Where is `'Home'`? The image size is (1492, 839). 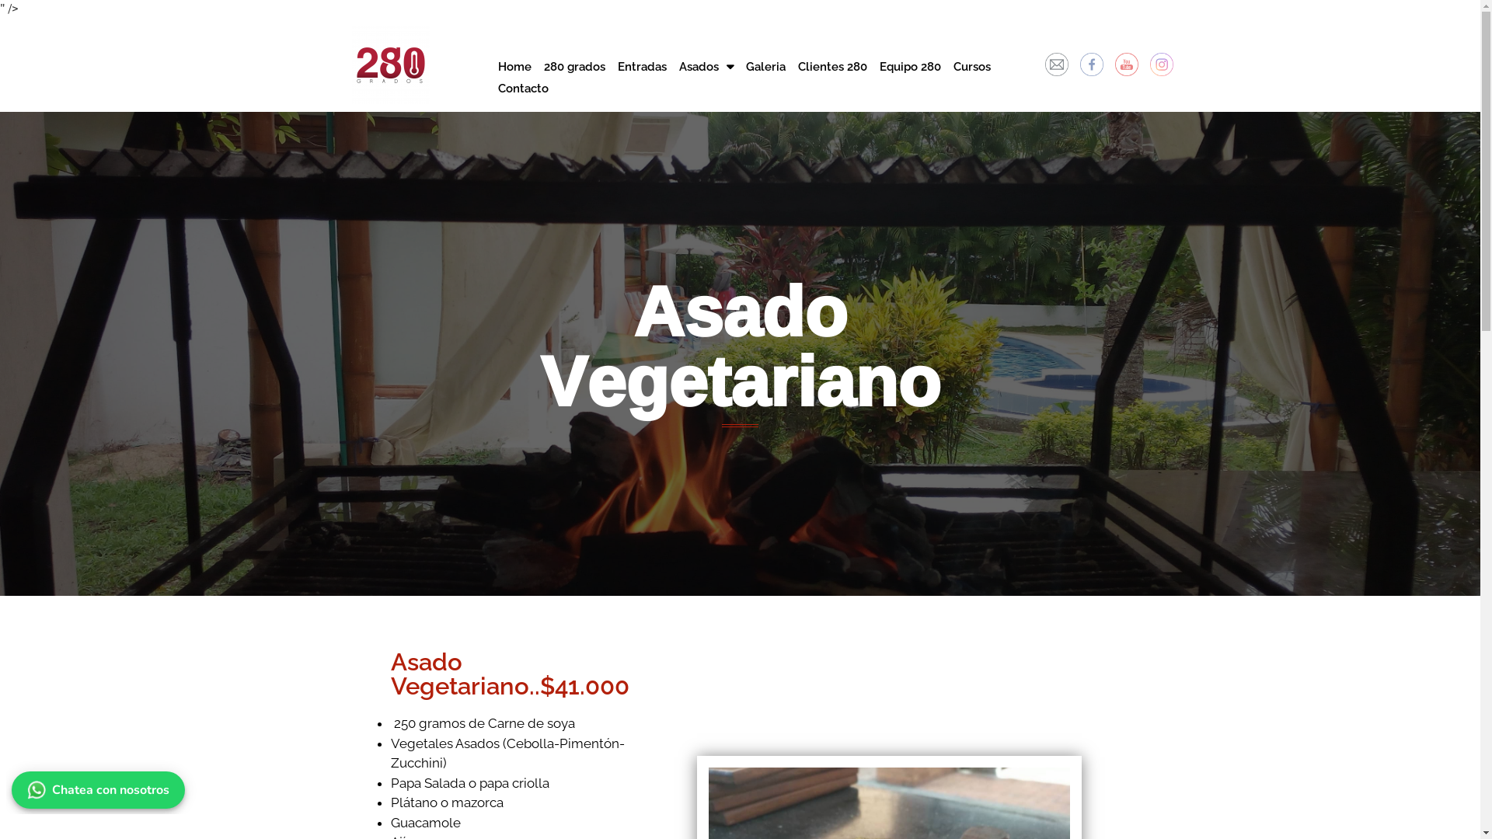
'Home' is located at coordinates (491, 65).